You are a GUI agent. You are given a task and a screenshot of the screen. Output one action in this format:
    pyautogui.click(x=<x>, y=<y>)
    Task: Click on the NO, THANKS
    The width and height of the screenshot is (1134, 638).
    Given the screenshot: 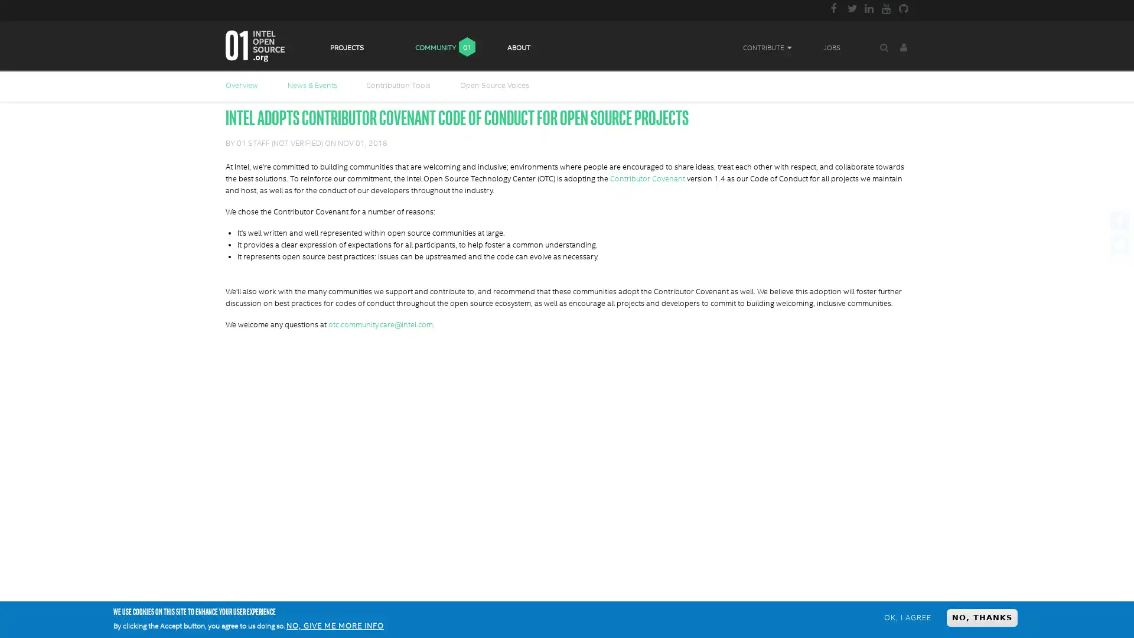 What is the action you would take?
    pyautogui.click(x=982, y=617)
    